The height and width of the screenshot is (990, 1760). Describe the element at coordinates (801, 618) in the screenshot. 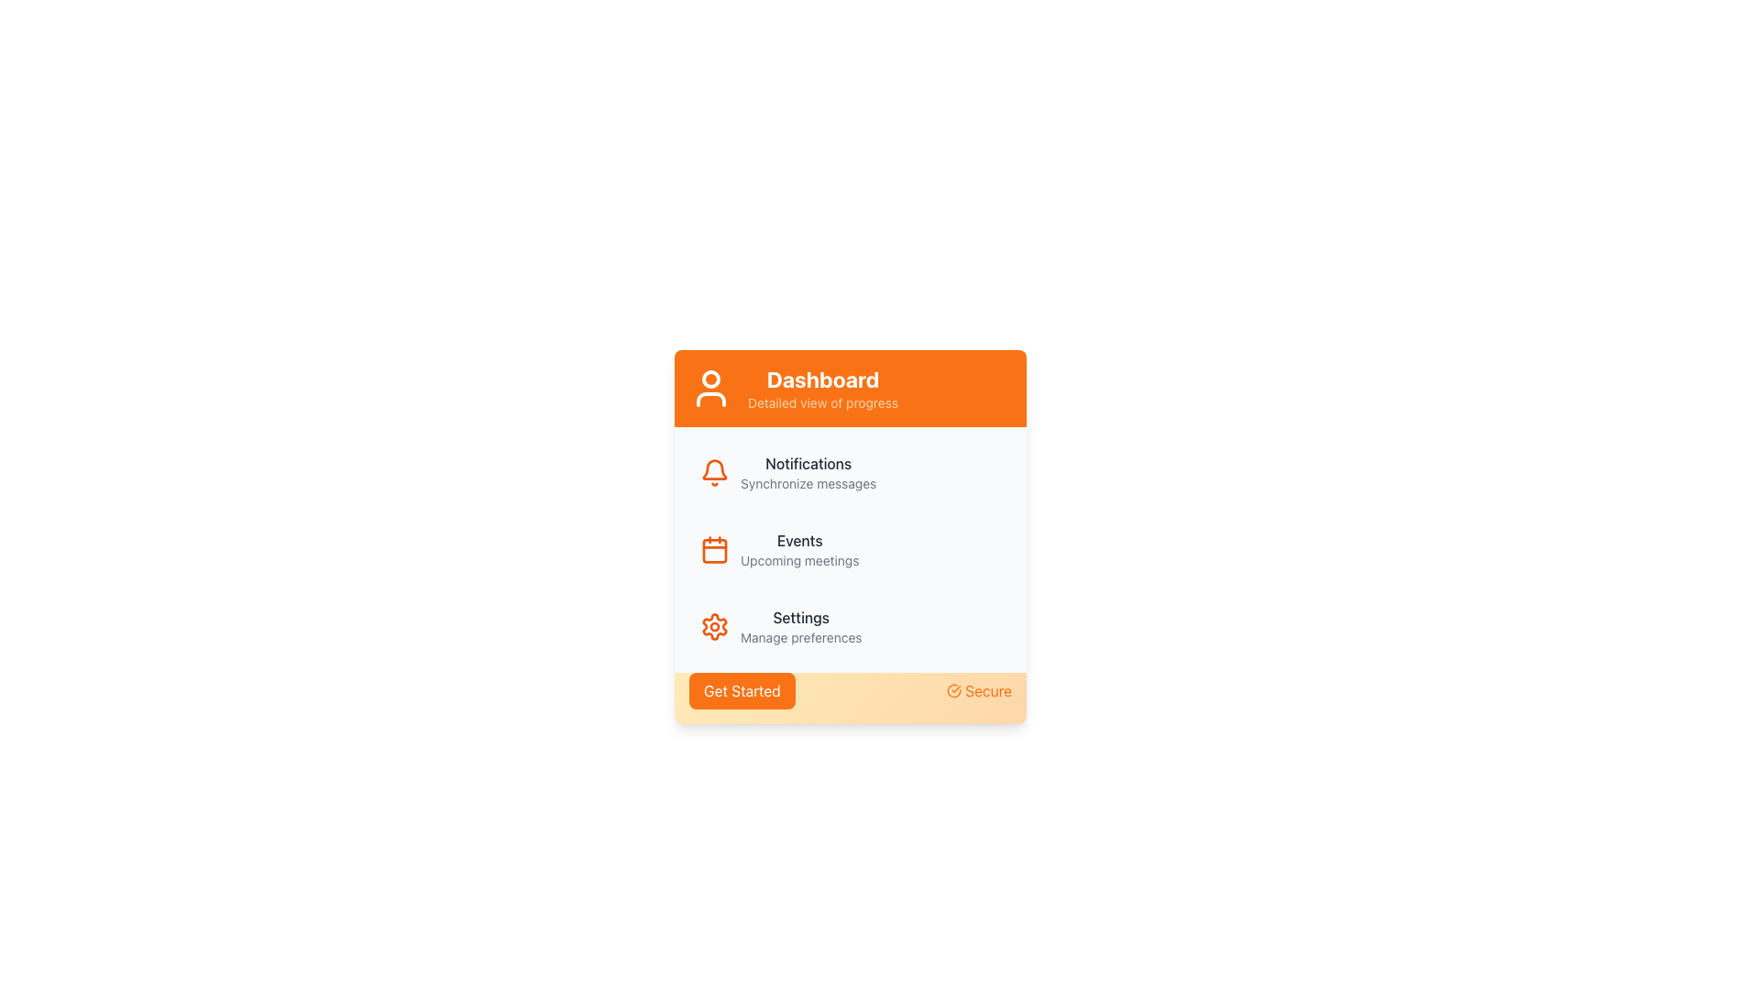

I see `the 'Settings' label which serves as a title for the settings section in the user interface` at that location.